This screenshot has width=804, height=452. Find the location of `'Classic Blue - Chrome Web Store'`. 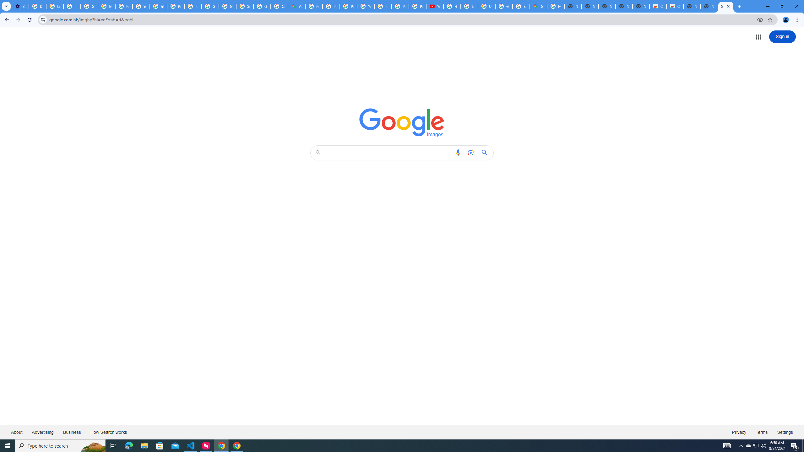

'Classic Blue - Chrome Web Store' is located at coordinates (675, 6).